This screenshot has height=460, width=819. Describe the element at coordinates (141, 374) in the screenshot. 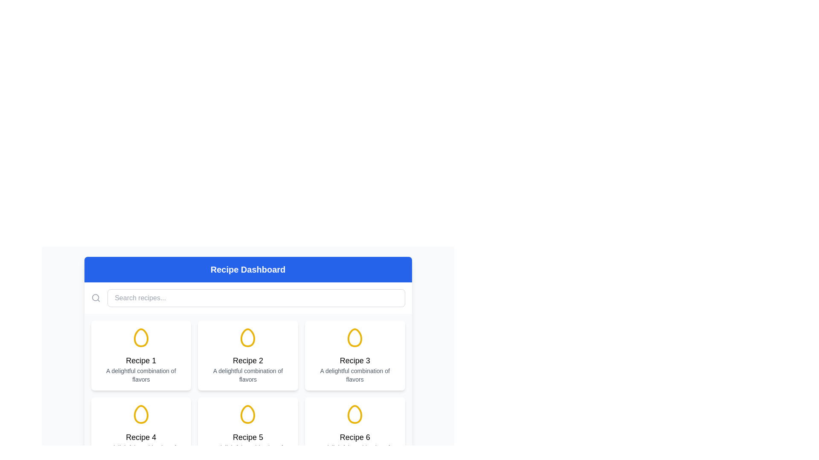

I see `the text label displaying 'A delightful combination of flavors', which is centered below 'Recipe 1' in a small gray font` at that location.